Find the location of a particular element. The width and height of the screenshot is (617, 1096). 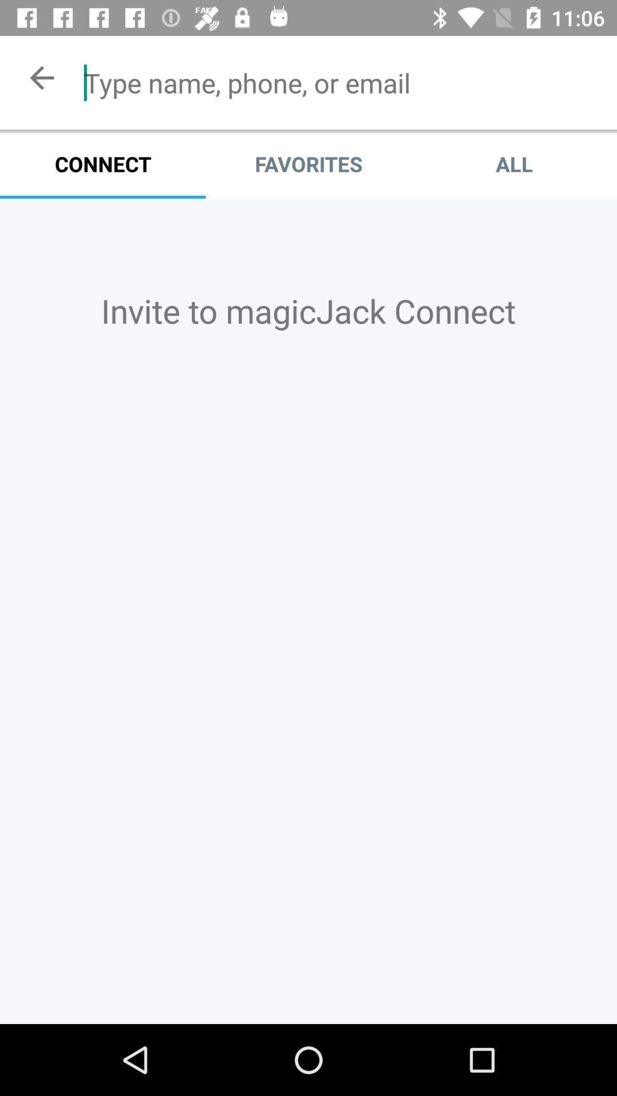

the invite to magicjack icon is located at coordinates (308, 311).